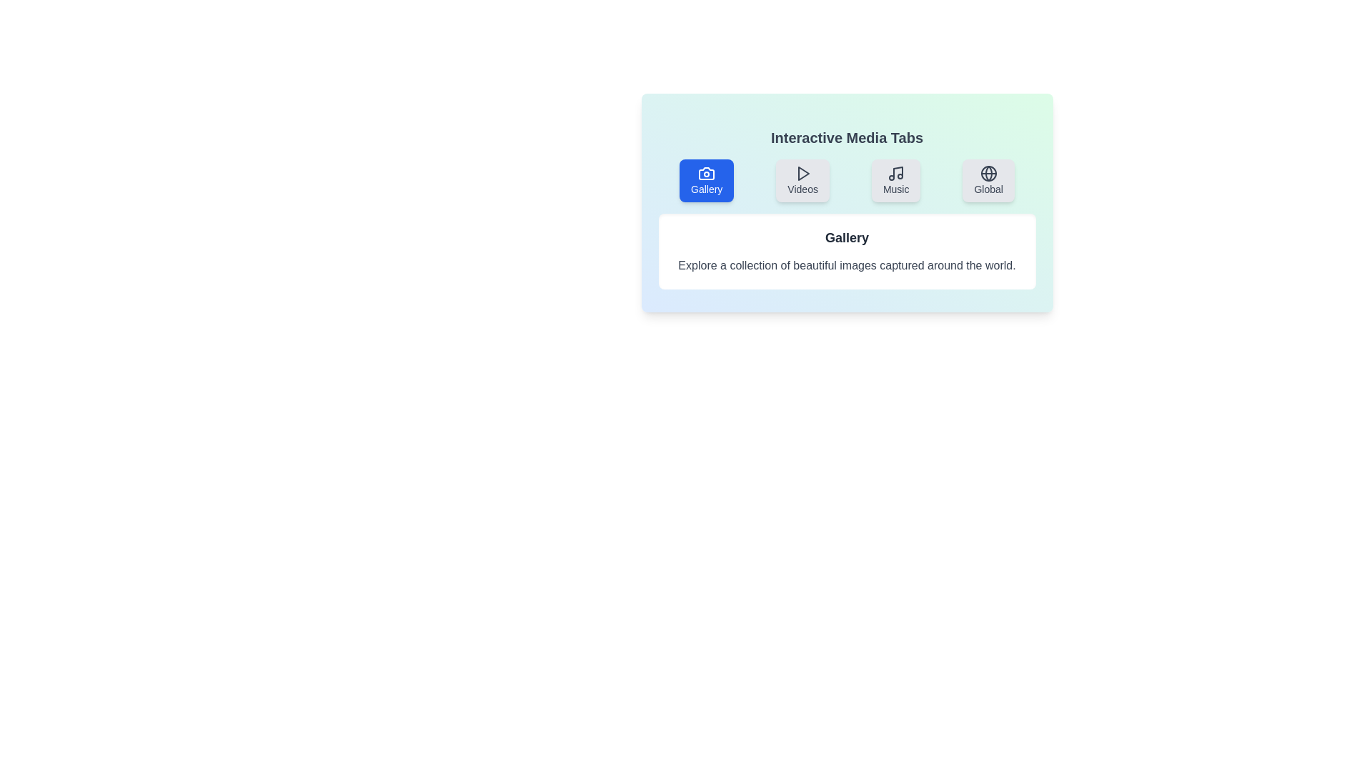 This screenshot has height=772, width=1372. What do you see at coordinates (707, 180) in the screenshot?
I see `the tab labeled 'Gallery'` at bounding box center [707, 180].